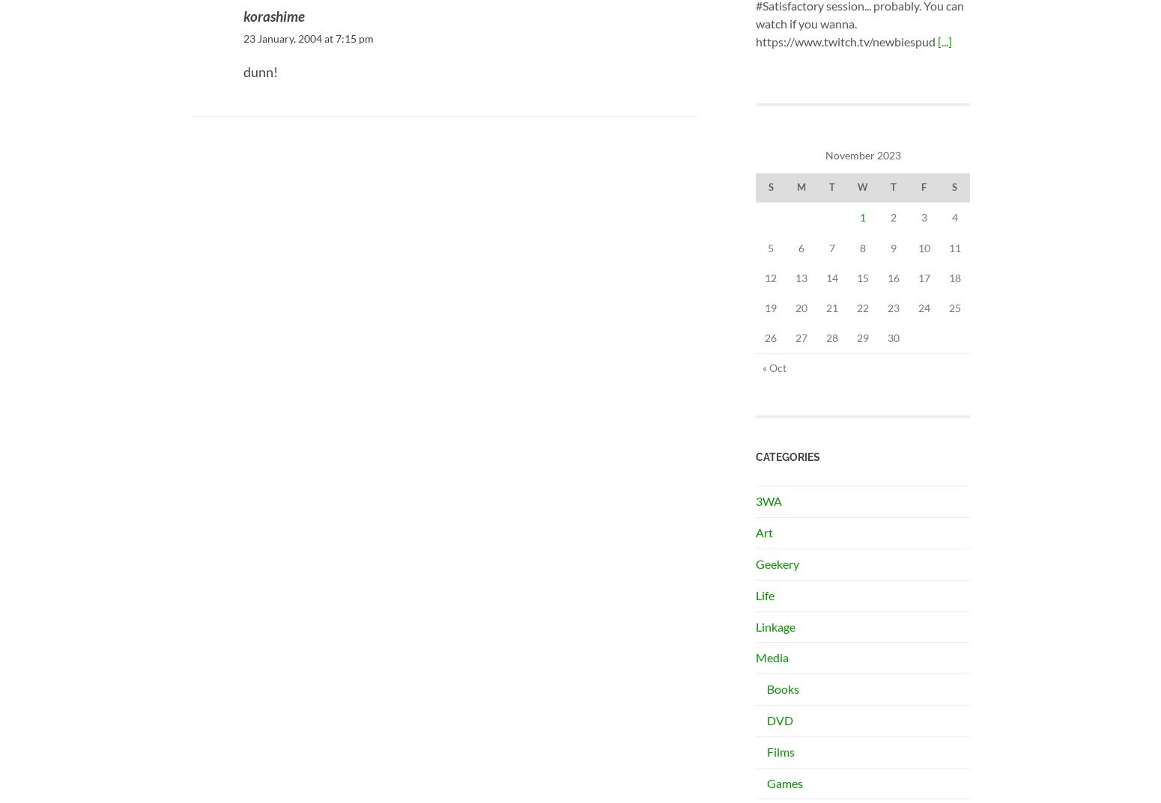 The image size is (1161, 803). What do you see at coordinates (917, 306) in the screenshot?
I see `'24'` at bounding box center [917, 306].